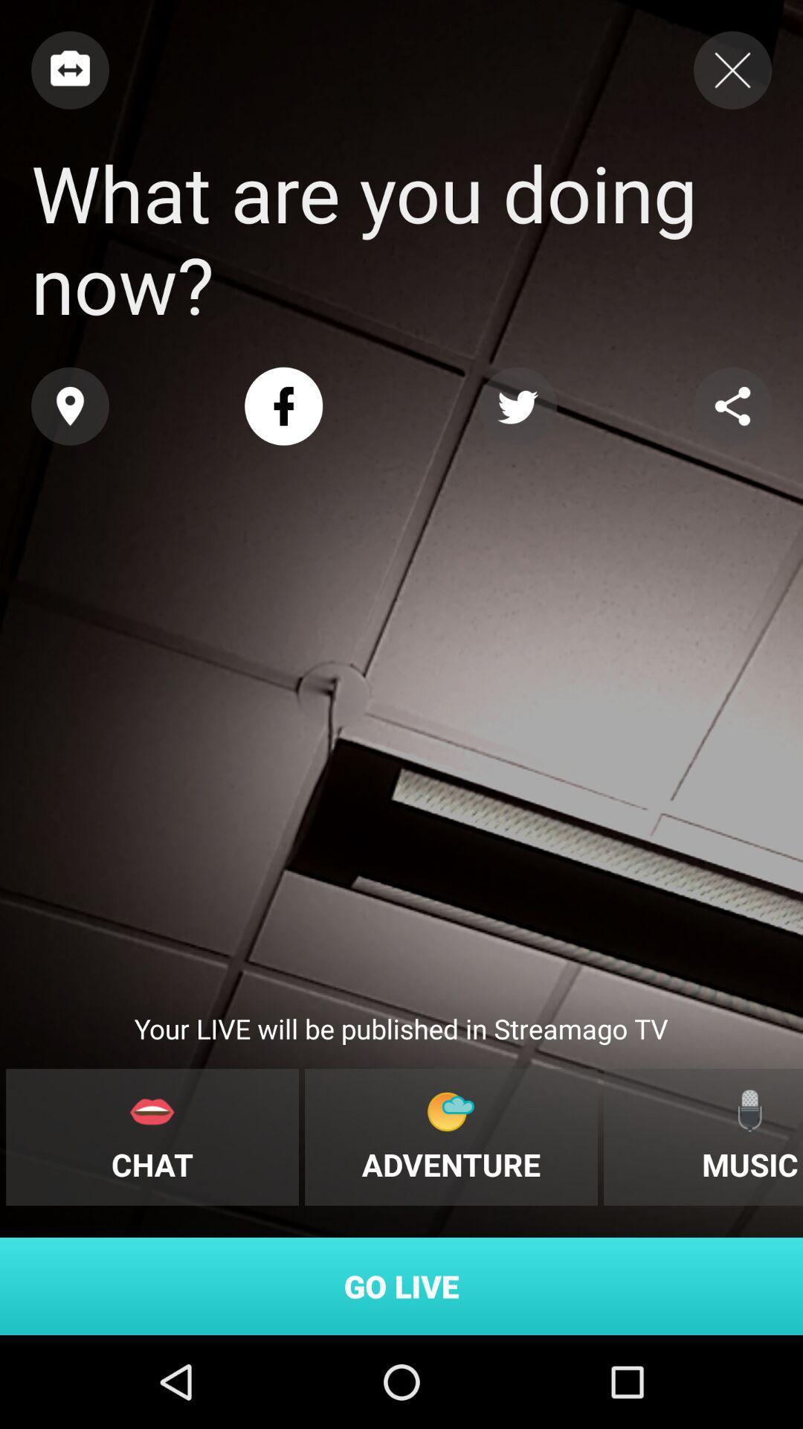 This screenshot has height=1429, width=803. What do you see at coordinates (517, 406) in the screenshot?
I see `share with twitter` at bounding box center [517, 406].